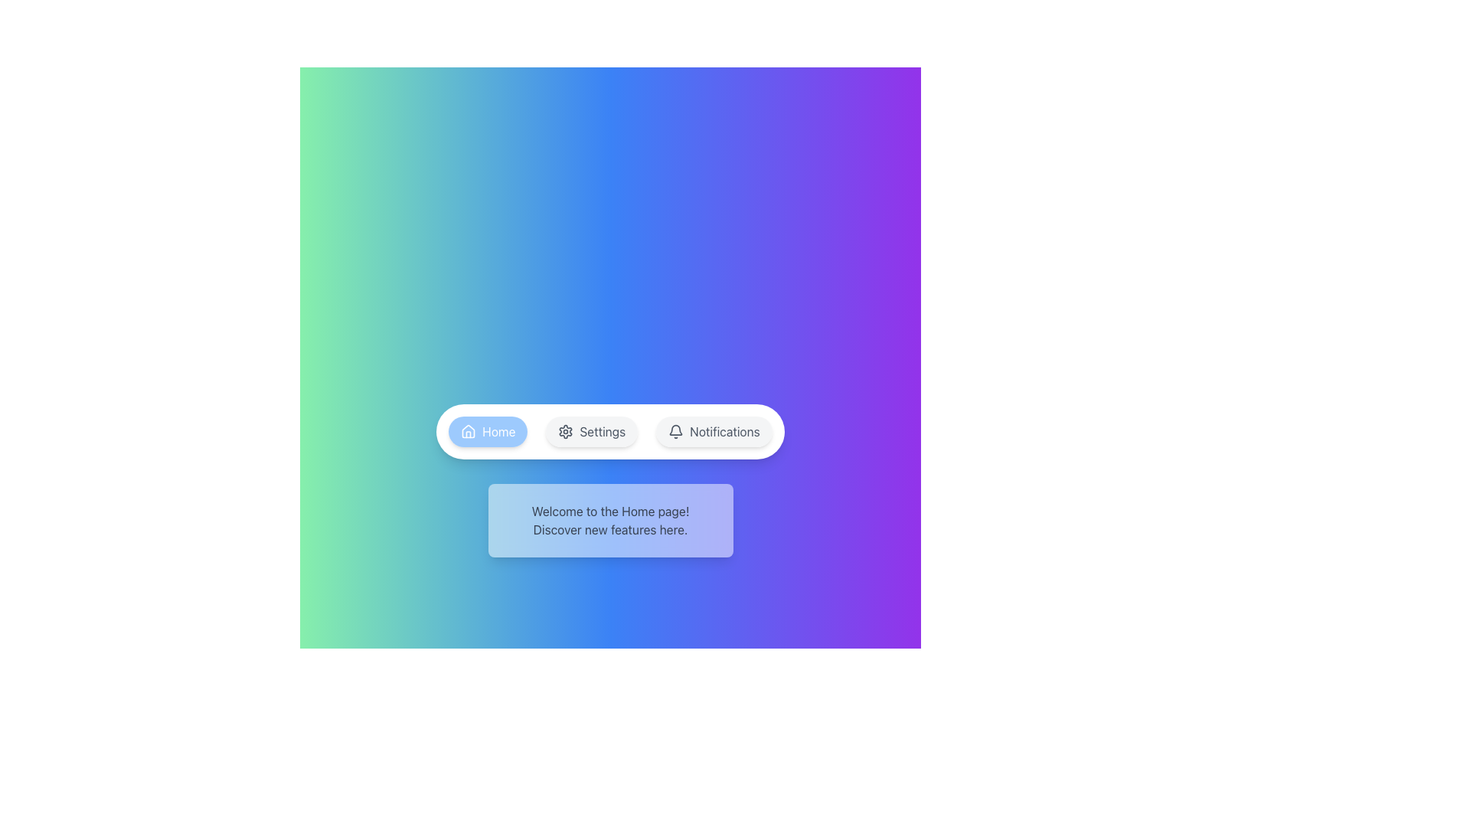 This screenshot has width=1470, height=827. What do you see at coordinates (565, 431) in the screenshot?
I see `the gear-shaped icon representing settings, which is part of the 'Settings' button located in the horizontal navigation bar` at bounding box center [565, 431].